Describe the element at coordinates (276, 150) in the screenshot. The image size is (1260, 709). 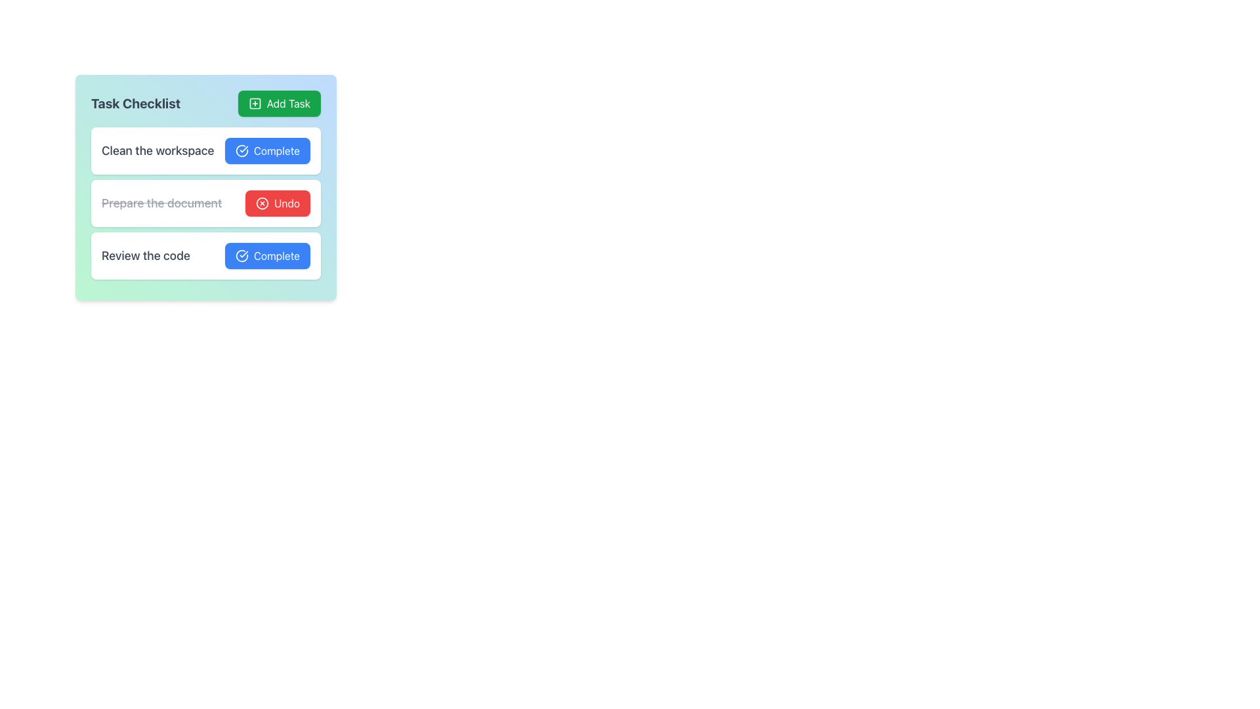
I see `the 'Complete' label in the second button of the 'Task Checklist' group` at that location.